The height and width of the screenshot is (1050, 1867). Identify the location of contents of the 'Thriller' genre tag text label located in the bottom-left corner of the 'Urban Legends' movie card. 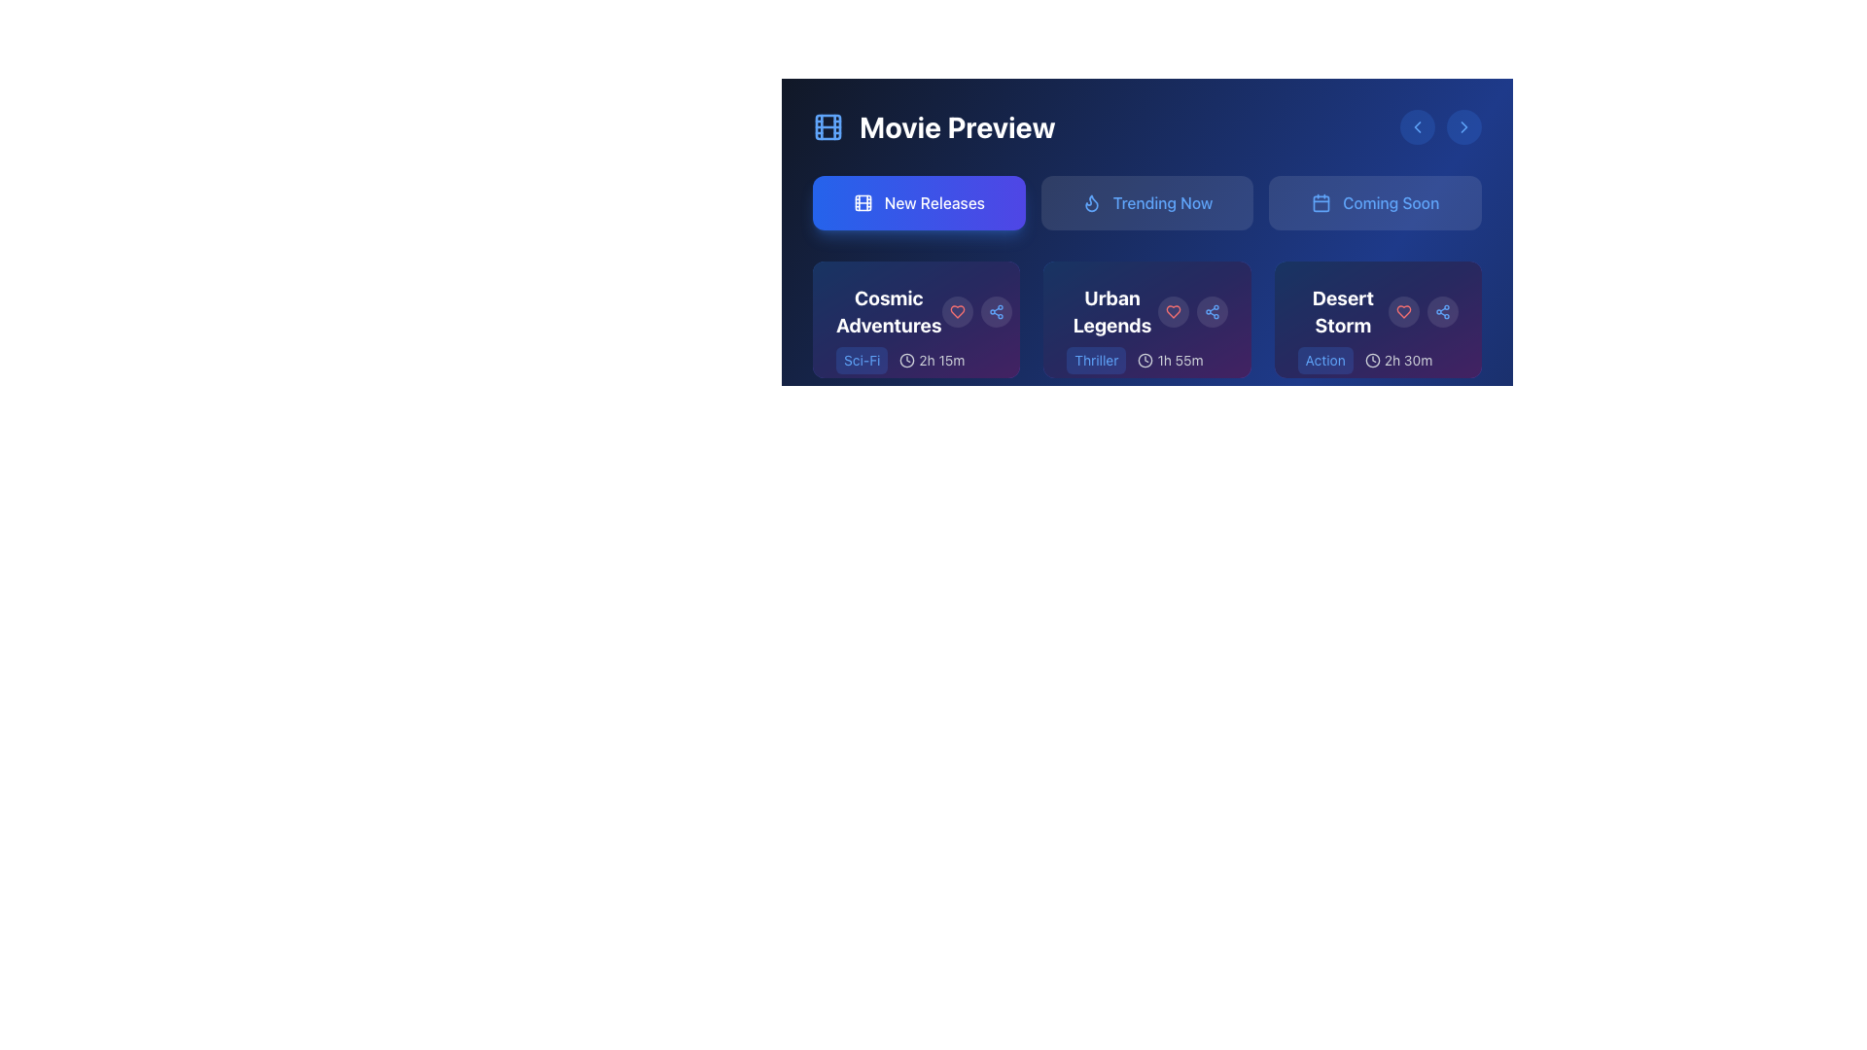
(1096, 360).